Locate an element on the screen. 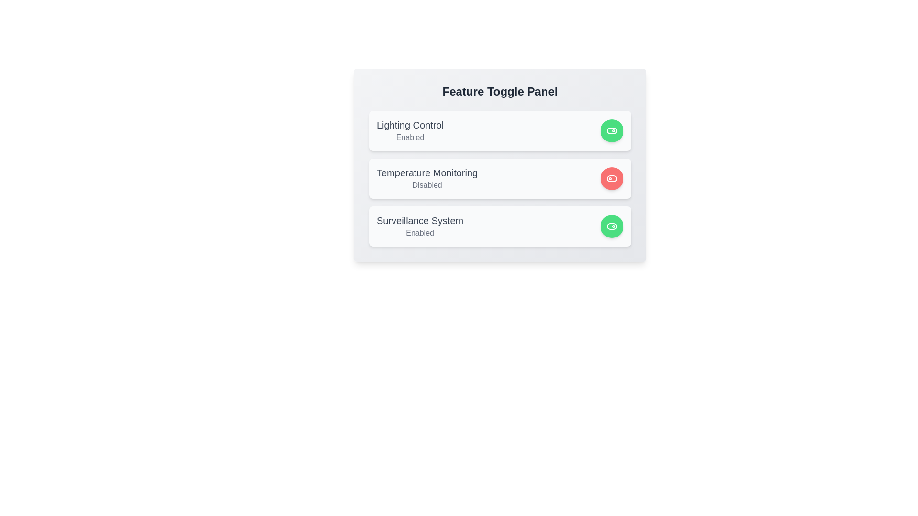 The image size is (918, 516). the toggle button for Lighting Control to change its state is located at coordinates (612, 130).